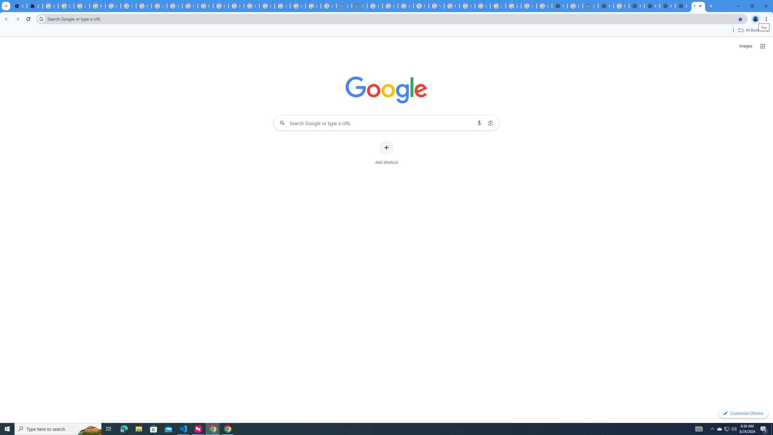 The height and width of the screenshot is (435, 773). What do you see at coordinates (113, 6) in the screenshot?
I see `'Google Account Help'` at bounding box center [113, 6].